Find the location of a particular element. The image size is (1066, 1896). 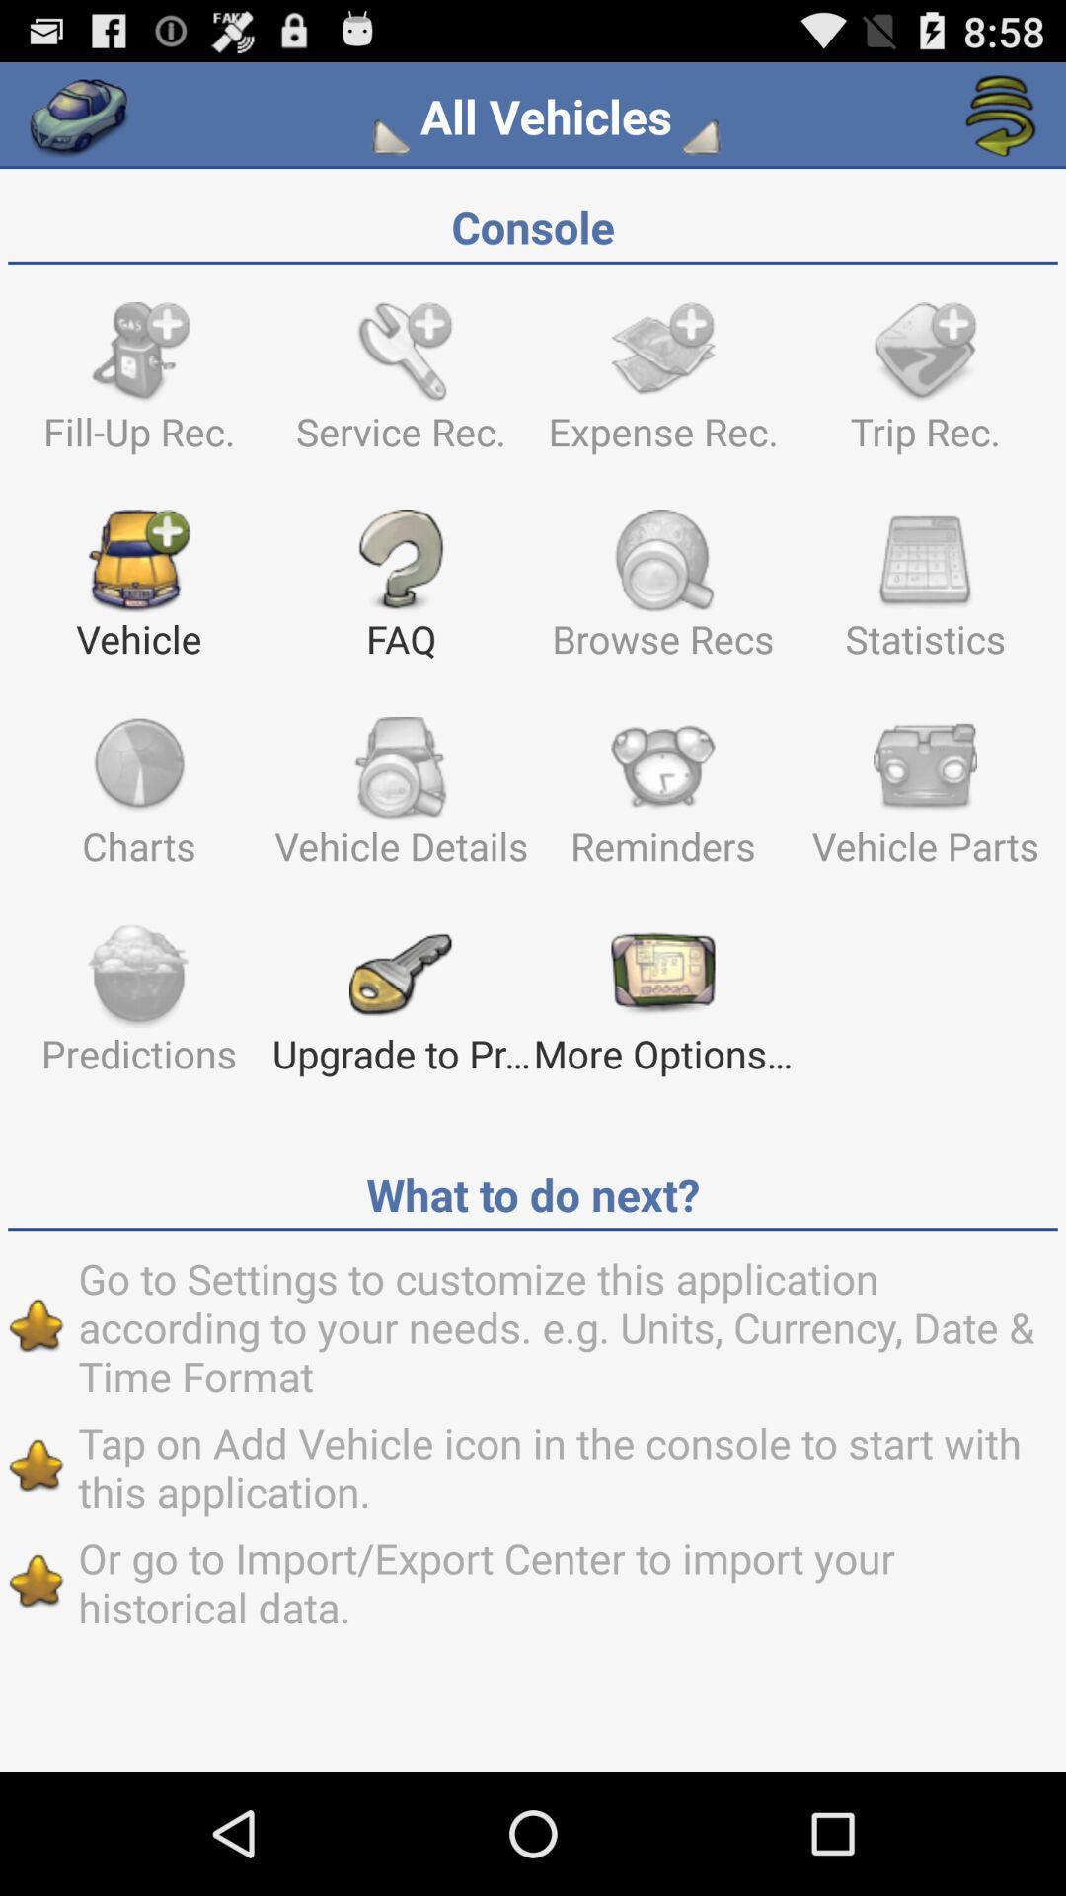

the item to the left of vehicle details icon is located at coordinates (138, 801).